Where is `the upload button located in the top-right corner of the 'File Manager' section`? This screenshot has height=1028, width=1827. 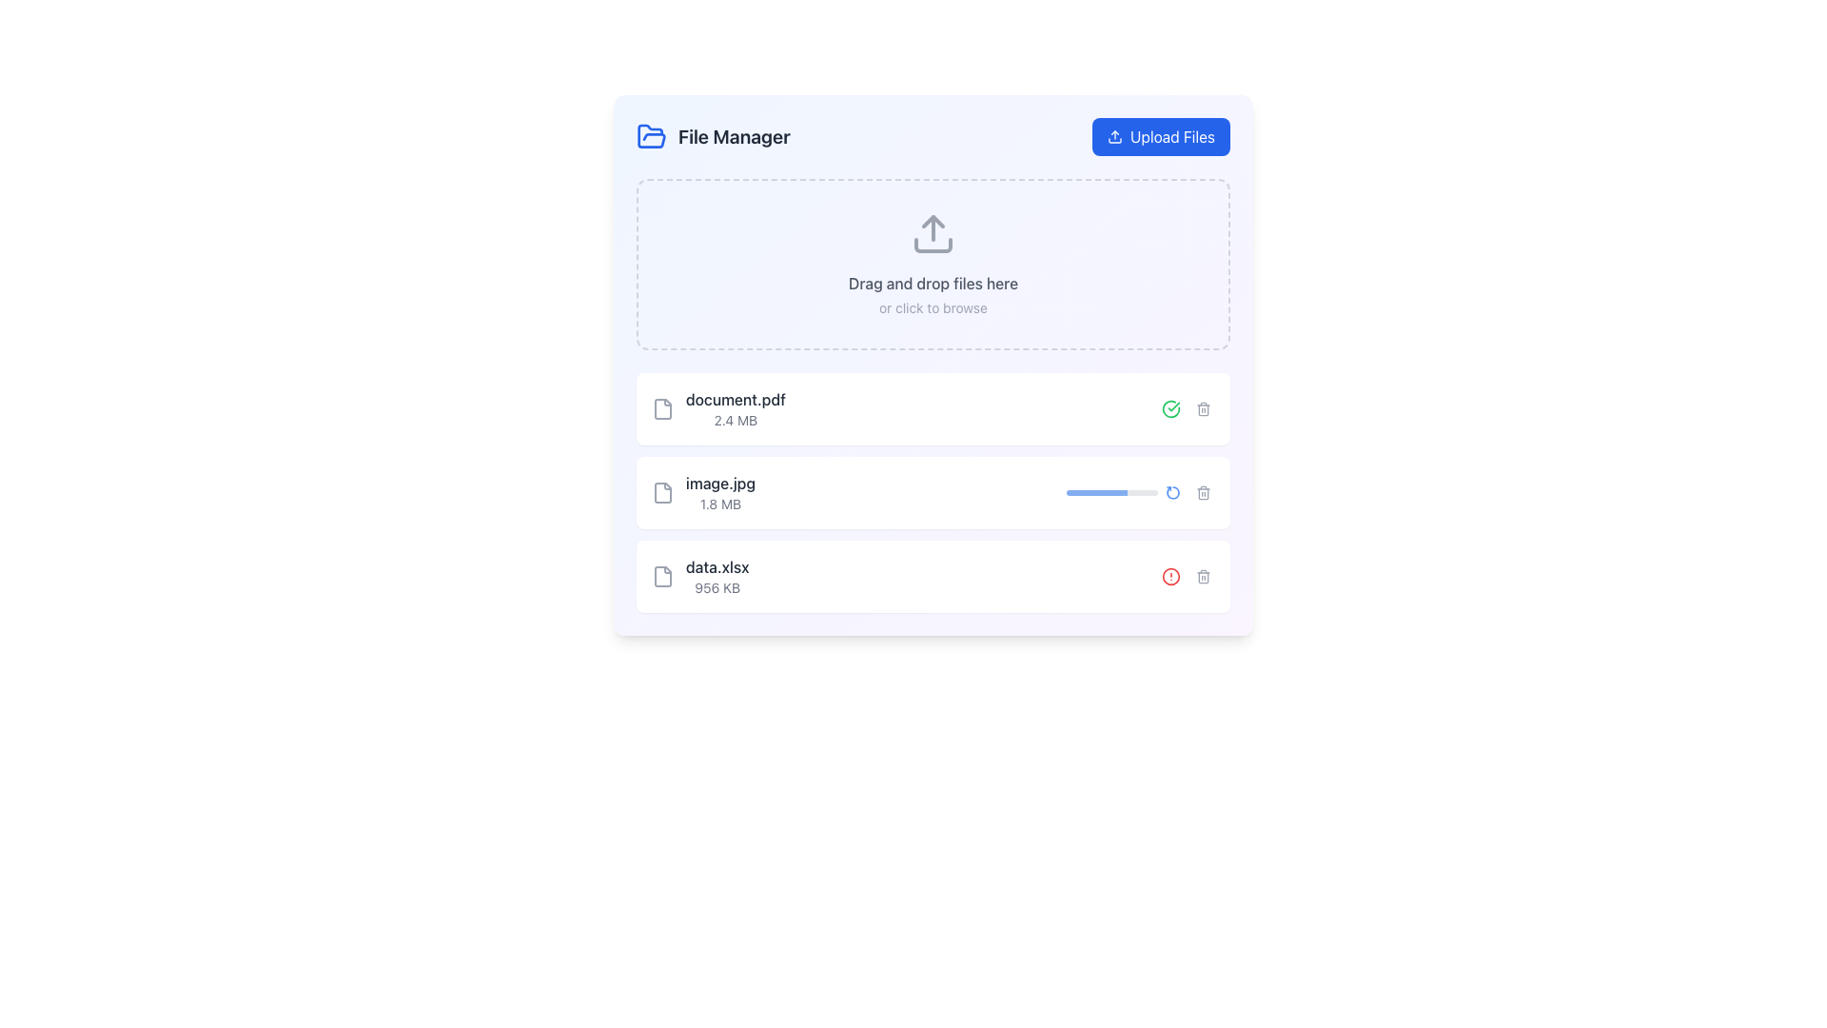
the upload button located in the top-right corner of the 'File Manager' section is located at coordinates (1160, 135).